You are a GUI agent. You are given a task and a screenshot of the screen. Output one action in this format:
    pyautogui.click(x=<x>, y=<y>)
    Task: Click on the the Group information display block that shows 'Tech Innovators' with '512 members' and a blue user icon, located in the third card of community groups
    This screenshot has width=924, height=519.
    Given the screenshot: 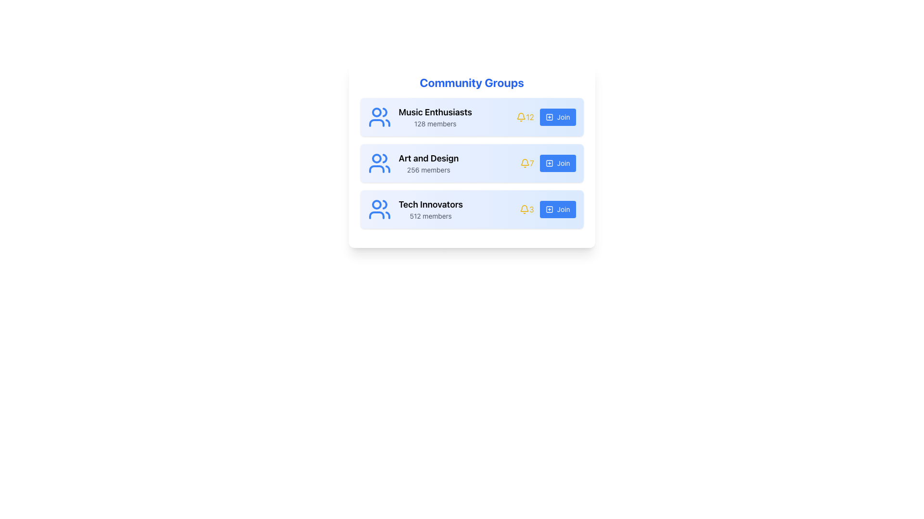 What is the action you would take?
    pyautogui.click(x=415, y=209)
    